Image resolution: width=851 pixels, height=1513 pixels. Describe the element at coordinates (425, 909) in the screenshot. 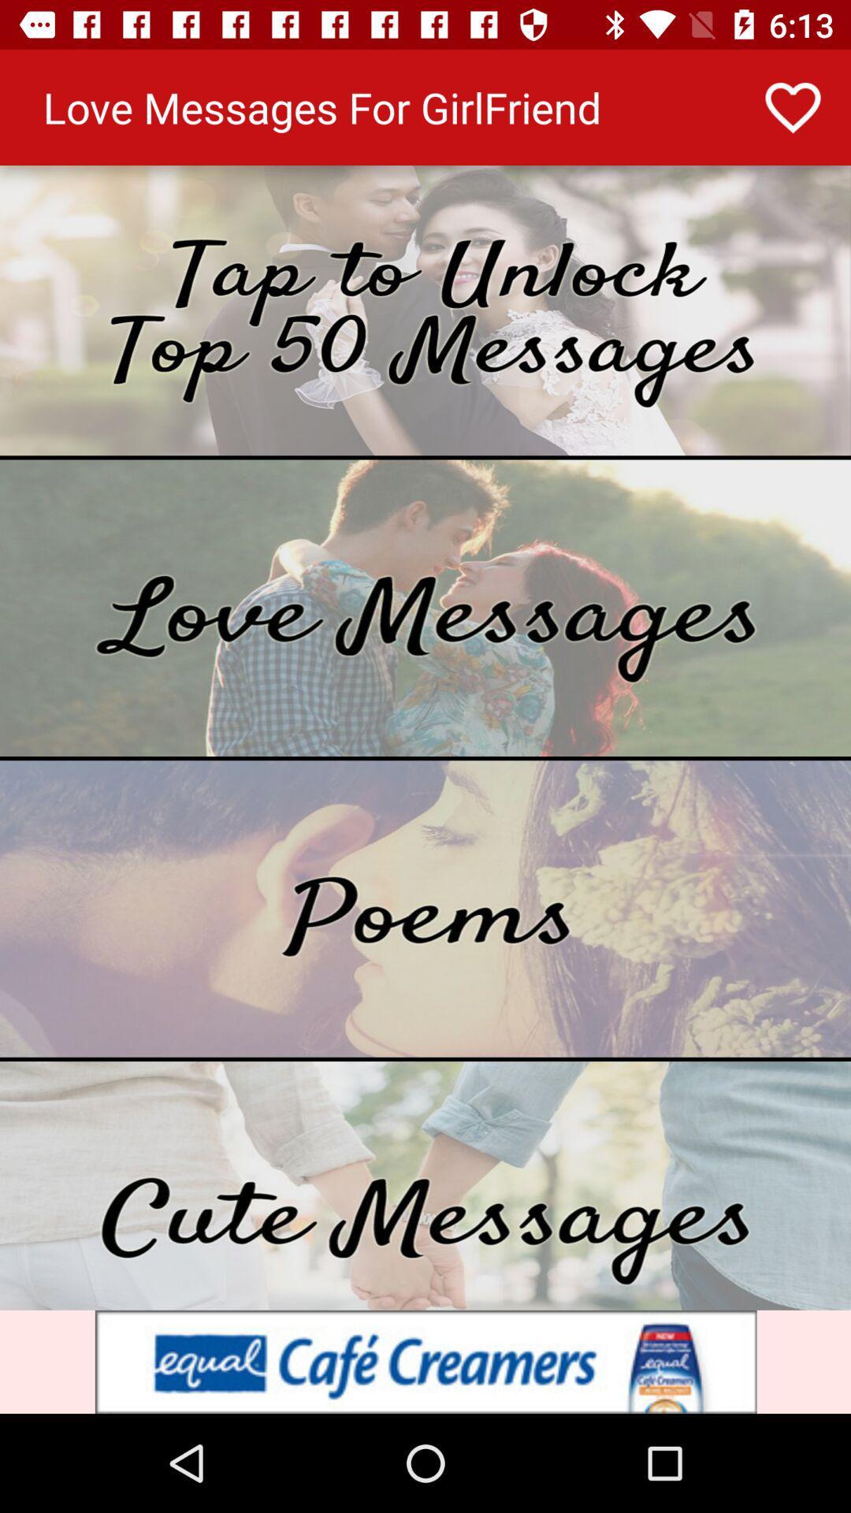

I see `show poems` at that location.